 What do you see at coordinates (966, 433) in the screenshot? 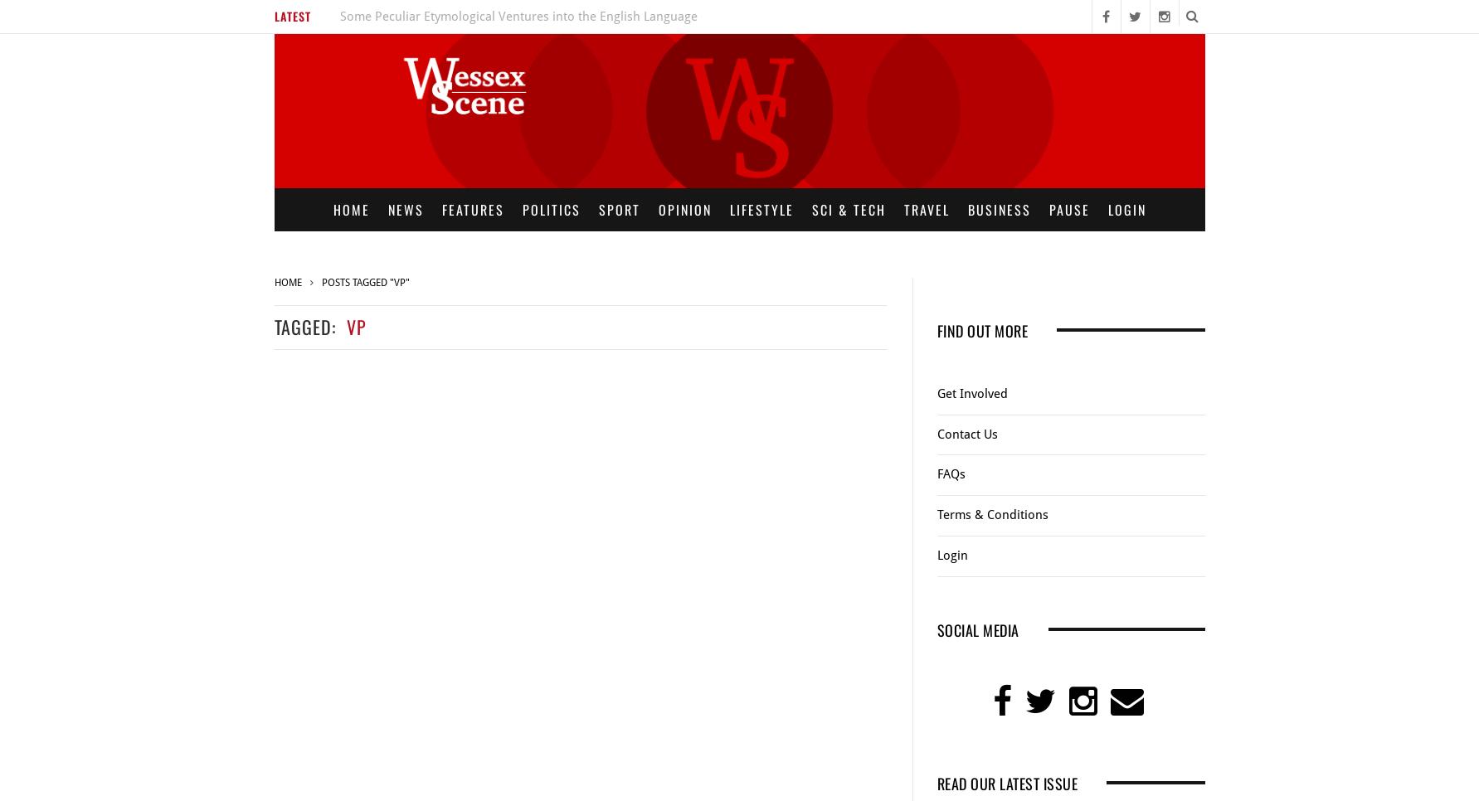
I see `'Contact Us'` at bounding box center [966, 433].